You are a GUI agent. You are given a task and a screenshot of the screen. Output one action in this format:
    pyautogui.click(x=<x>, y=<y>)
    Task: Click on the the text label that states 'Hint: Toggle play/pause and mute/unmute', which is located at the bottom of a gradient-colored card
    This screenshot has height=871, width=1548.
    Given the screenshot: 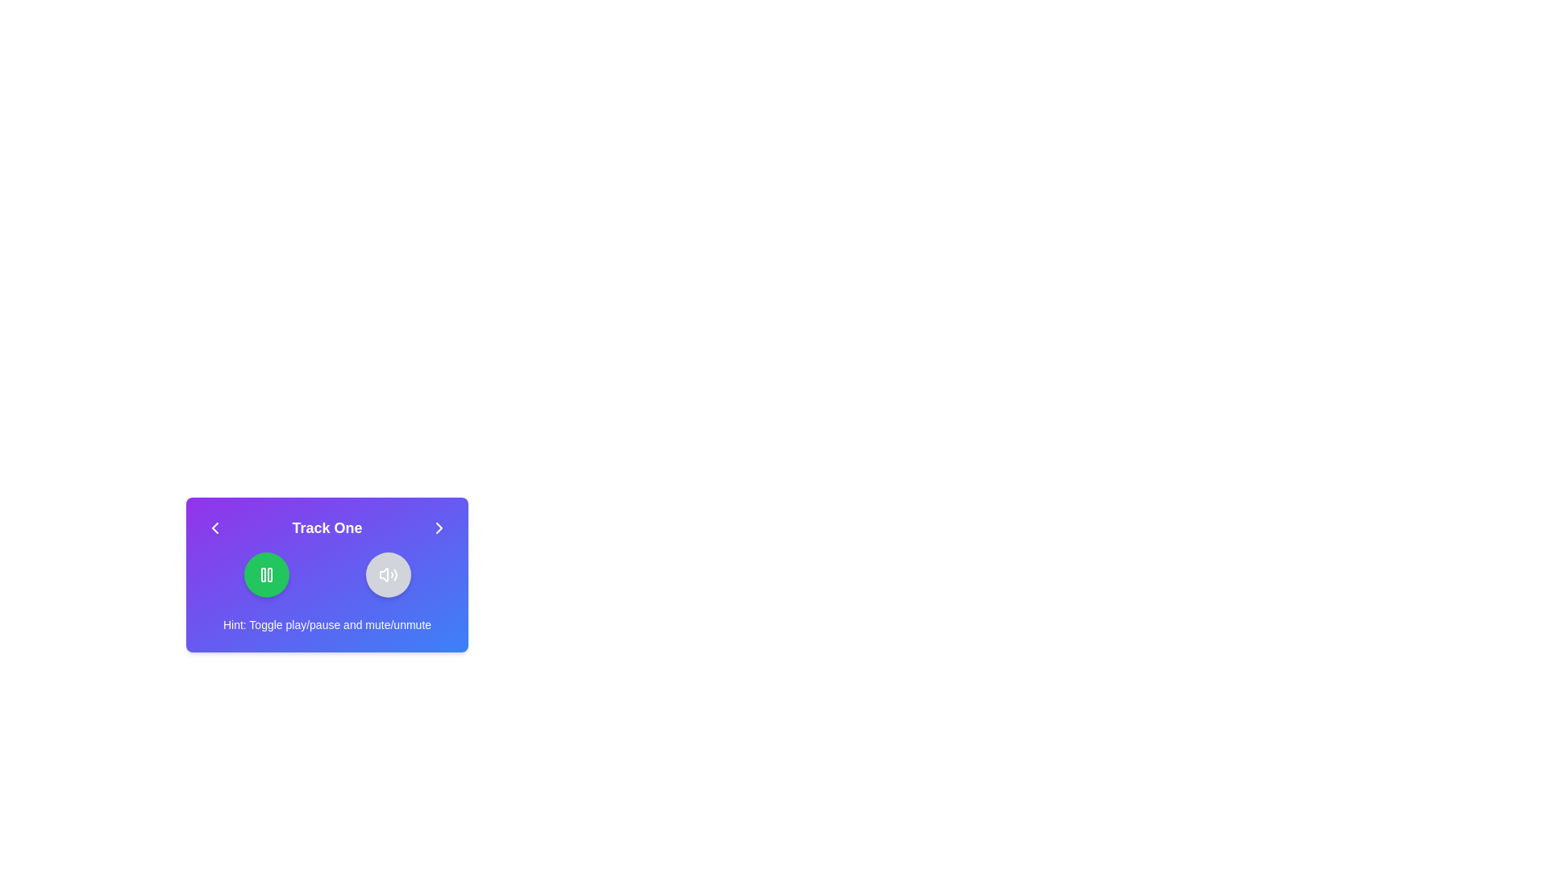 What is the action you would take?
    pyautogui.click(x=327, y=624)
    